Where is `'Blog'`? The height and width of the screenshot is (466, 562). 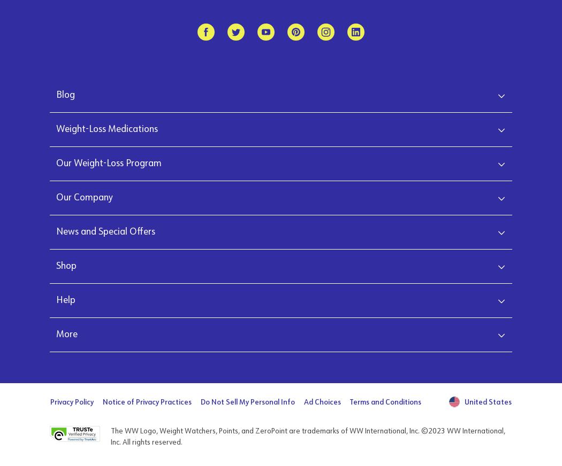 'Blog' is located at coordinates (65, 95).